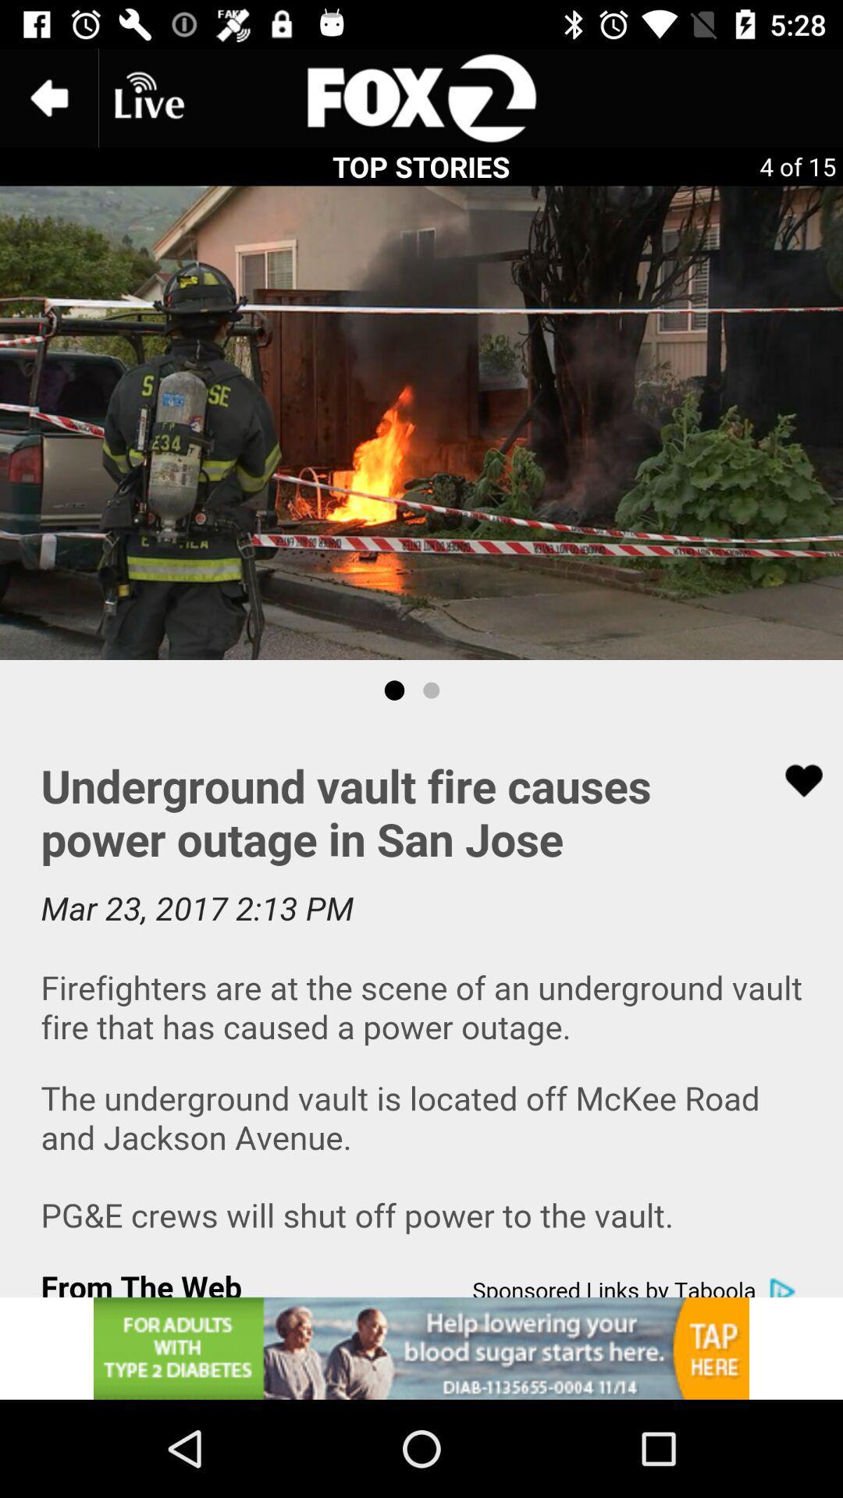 The image size is (843, 1498). What do you see at coordinates (421, 1347) in the screenshot?
I see `blood sugar advertisement` at bounding box center [421, 1347].